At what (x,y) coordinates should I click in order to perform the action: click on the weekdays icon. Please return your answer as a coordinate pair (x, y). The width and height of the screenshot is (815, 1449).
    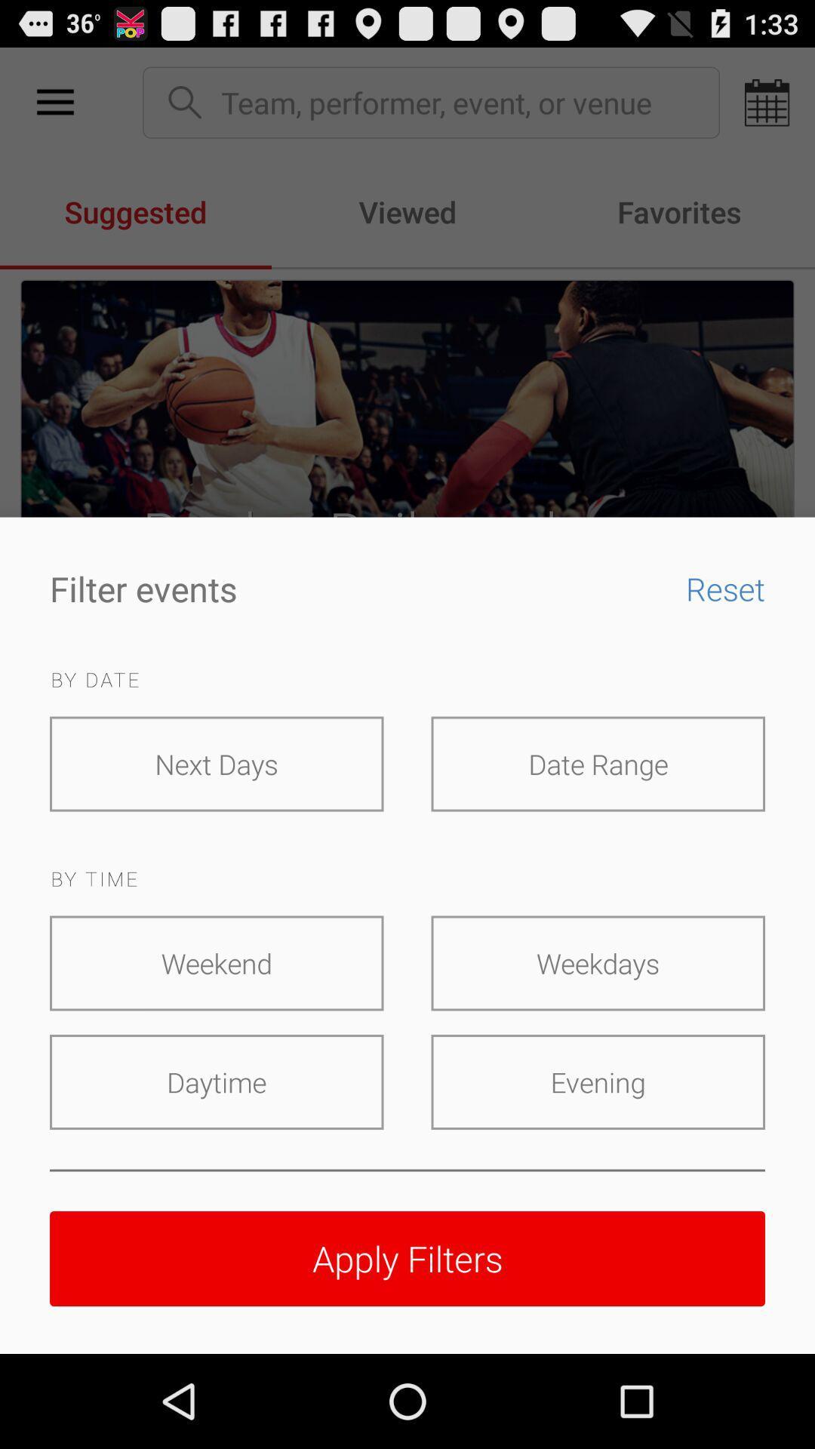
    Looking at the image, I should click on (597, 962).